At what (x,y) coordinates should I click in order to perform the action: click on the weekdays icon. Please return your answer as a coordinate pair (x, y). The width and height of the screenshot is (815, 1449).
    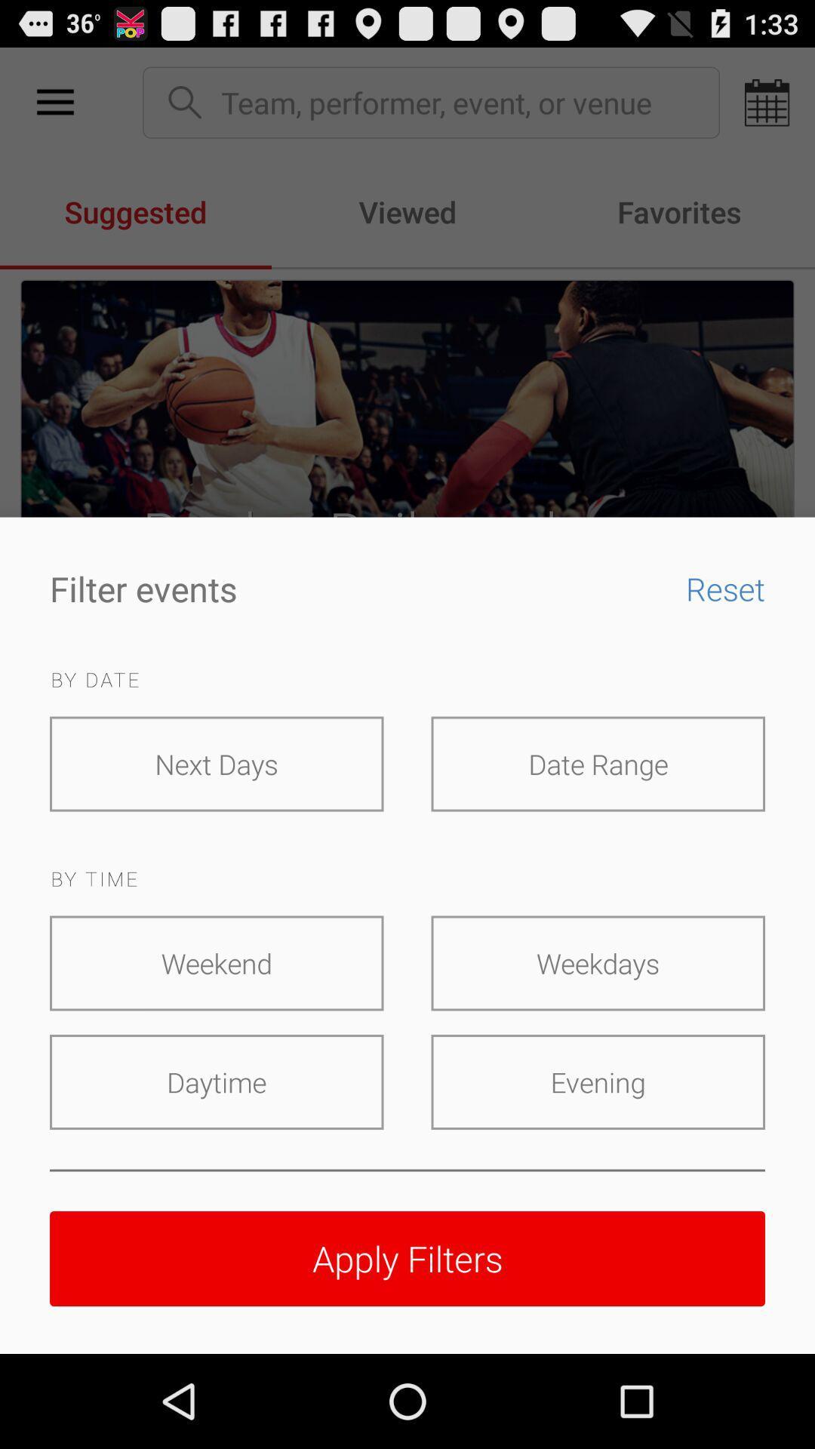
    Looking at the image, I should click on (597, 962).